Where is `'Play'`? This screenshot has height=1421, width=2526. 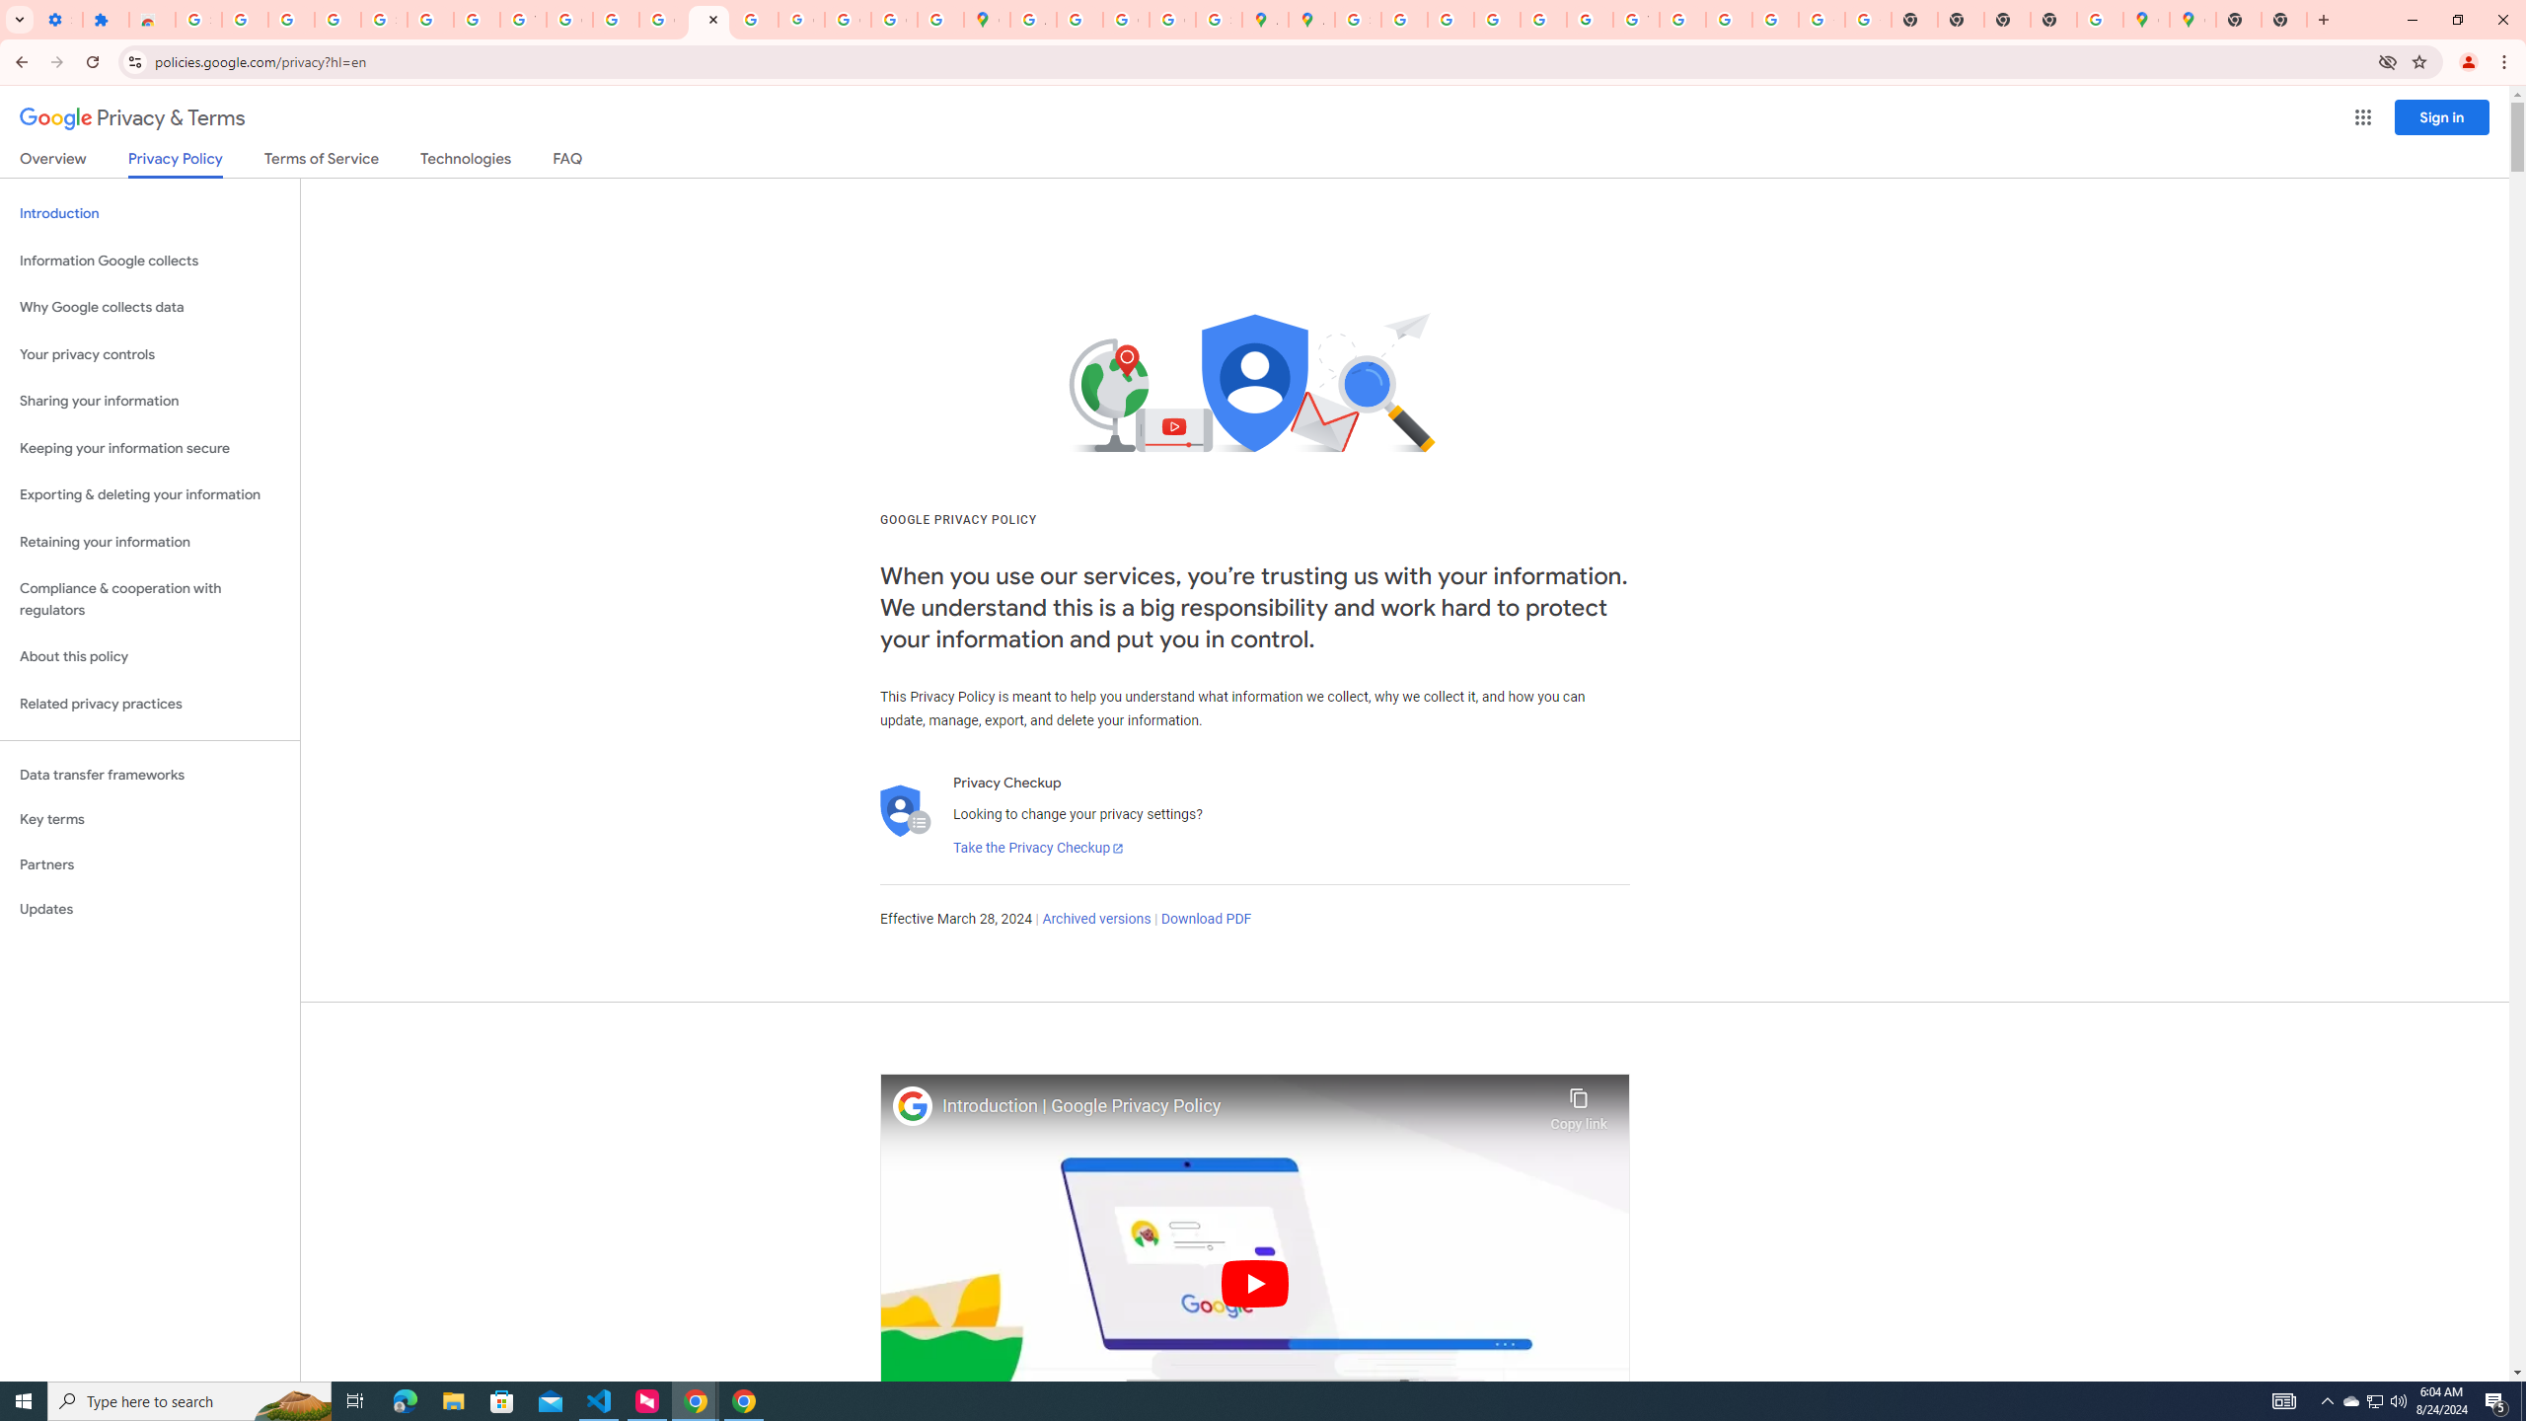
'Play' is located at coordinates (1254, 1282).